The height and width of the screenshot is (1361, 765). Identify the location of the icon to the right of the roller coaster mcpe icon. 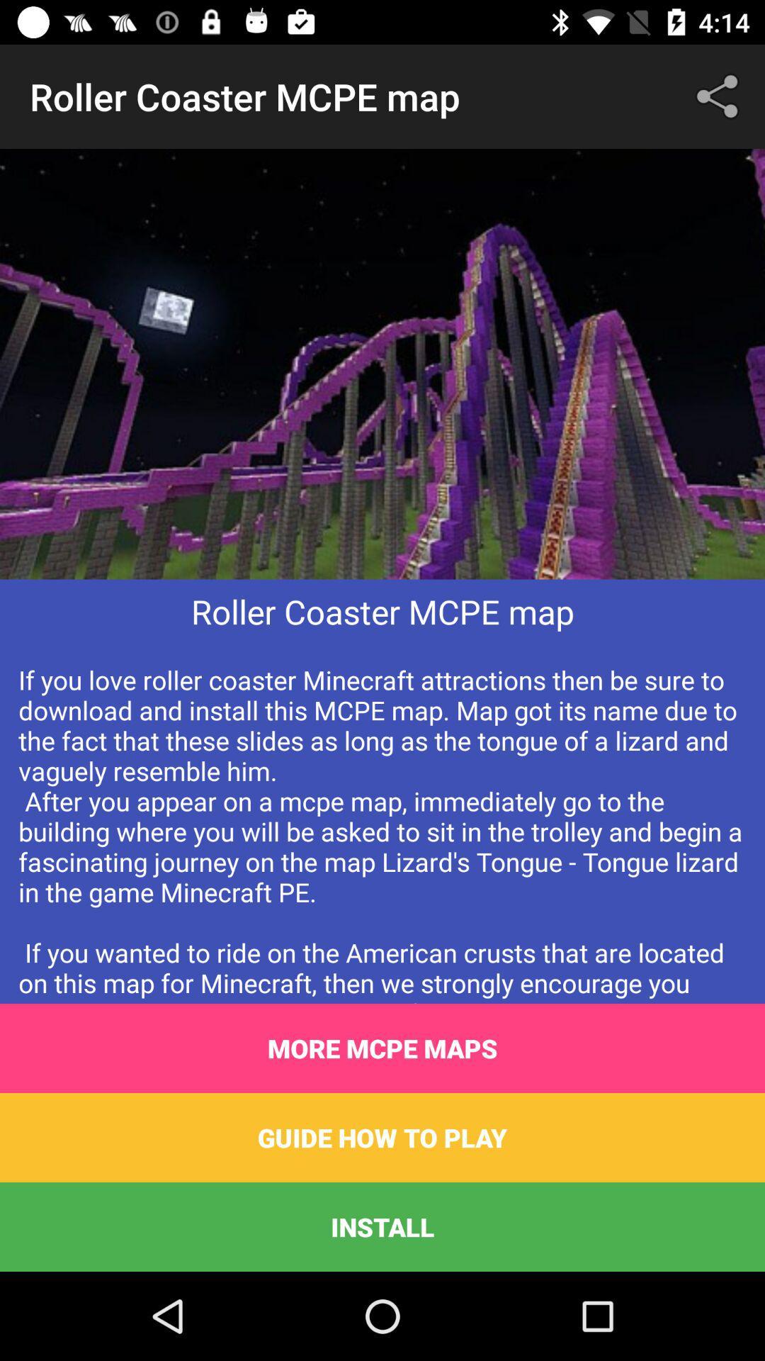
(720, 96).